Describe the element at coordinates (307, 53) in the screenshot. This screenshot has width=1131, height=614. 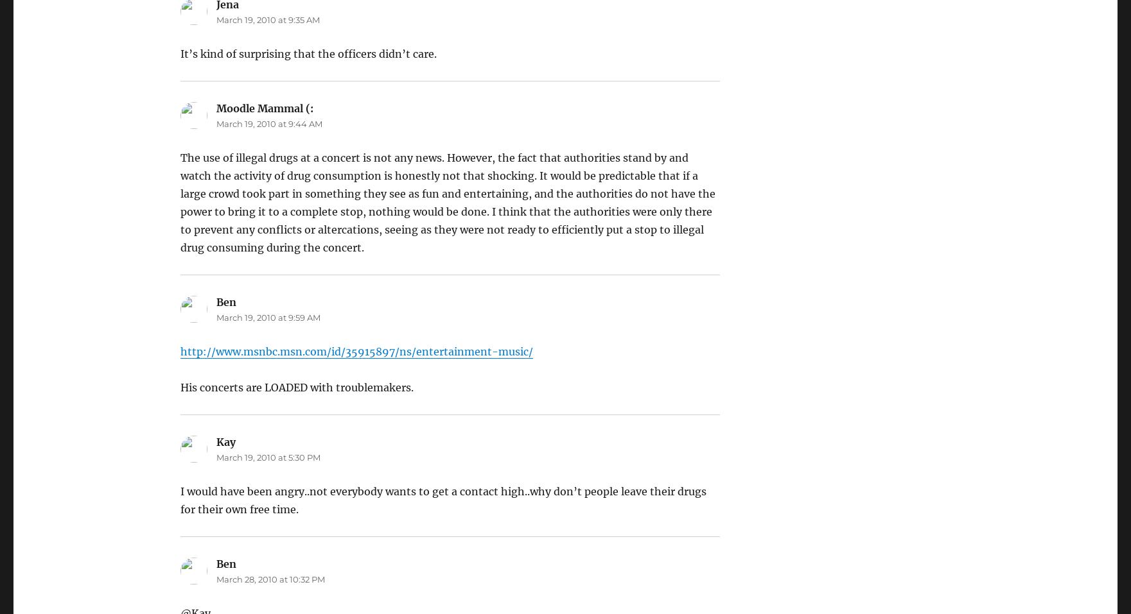
I see `'It’s kind of surprising that the officers didn’t care.'` at that location.